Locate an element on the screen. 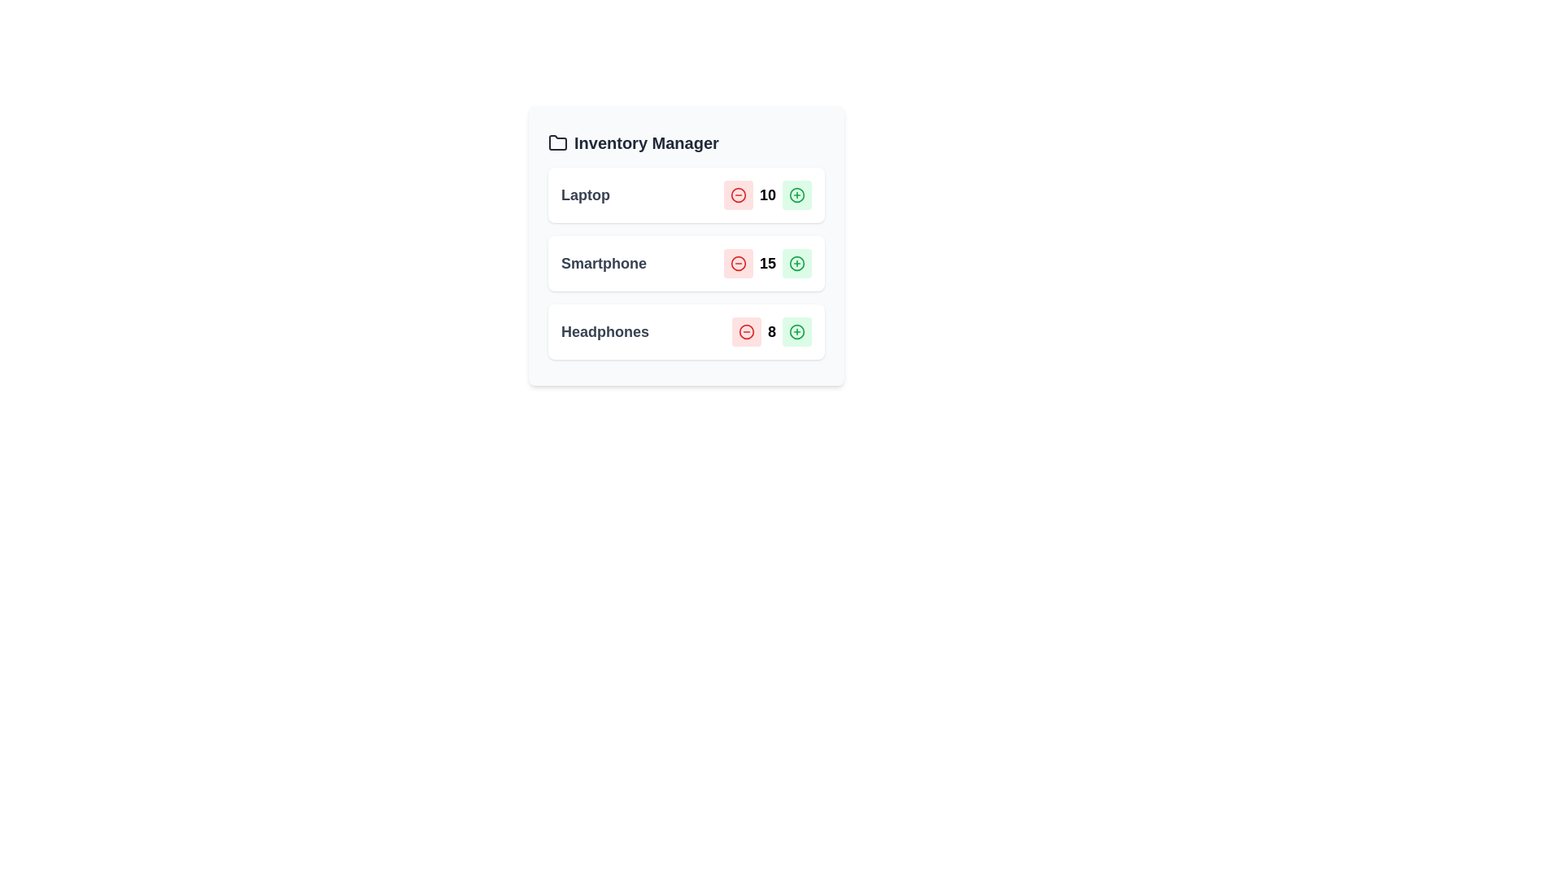 The width and height of the screenshot is (1562, 879). the item with name Smartphone is located at coordinates (603, 263).